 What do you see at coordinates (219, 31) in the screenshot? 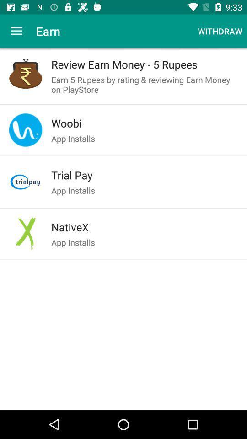
I see `icon to the right of earn item` at bounding box center [219, 31].